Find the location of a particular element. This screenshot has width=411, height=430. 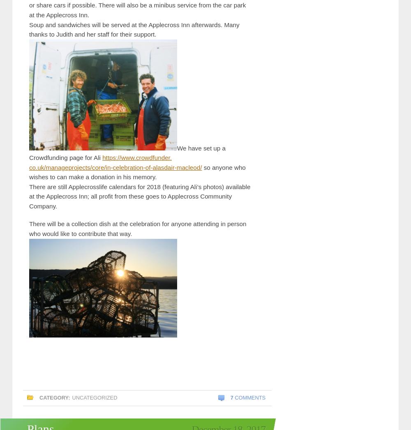

'There are still Applecrosslife calendars for 2018 (featuring Ali’s photos) available at the Applecross Inn; all profit from these goes to Applecross Community Company.' is located at coordinates (29, 196).